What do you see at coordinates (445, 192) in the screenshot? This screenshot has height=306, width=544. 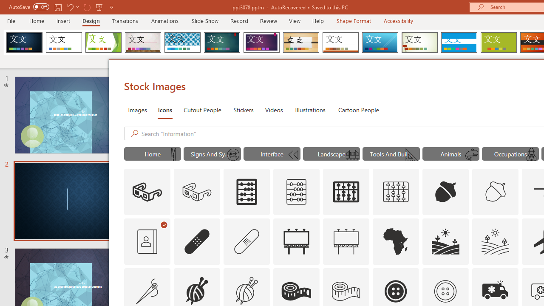 I see `'AutomationID: Icons_Acorn'` at bounding box center [445, 192].